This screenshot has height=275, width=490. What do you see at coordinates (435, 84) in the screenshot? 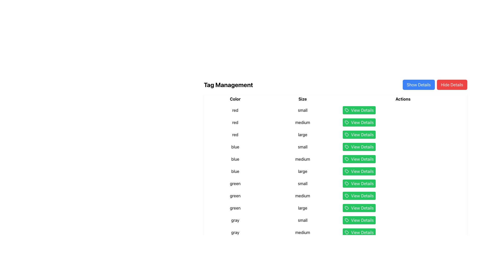
I see `the group of two buttons labeled 'Show Details' and 'Hide Details', which are located in the top-right section of the 'Tag Management' block` at bounding box center [435, 84].